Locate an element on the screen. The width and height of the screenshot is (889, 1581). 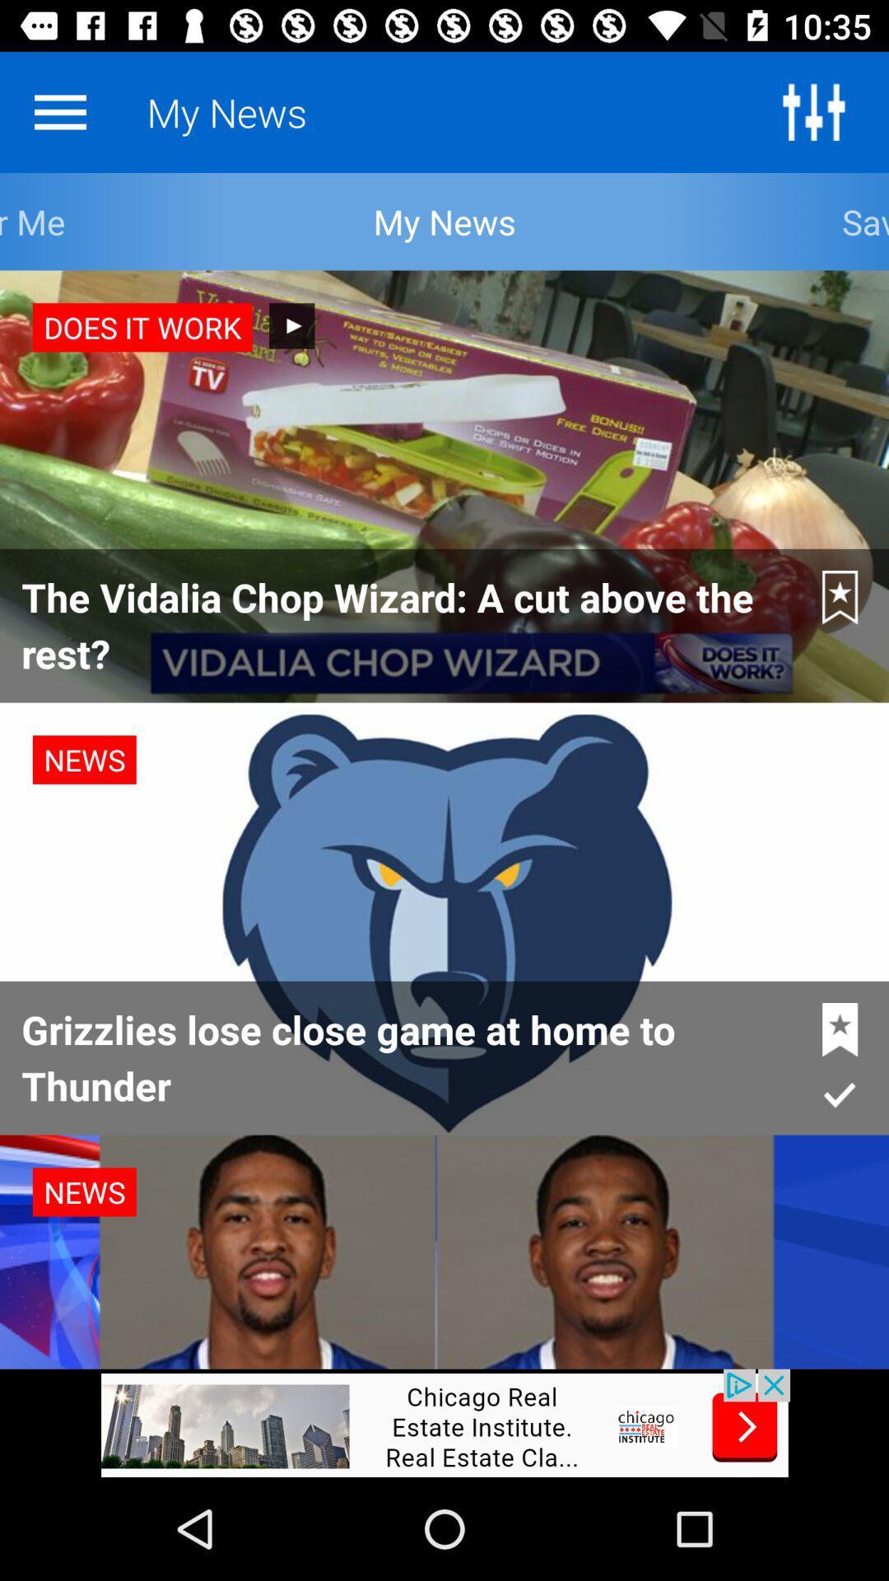
settings option is located at coordinates (812, 111).